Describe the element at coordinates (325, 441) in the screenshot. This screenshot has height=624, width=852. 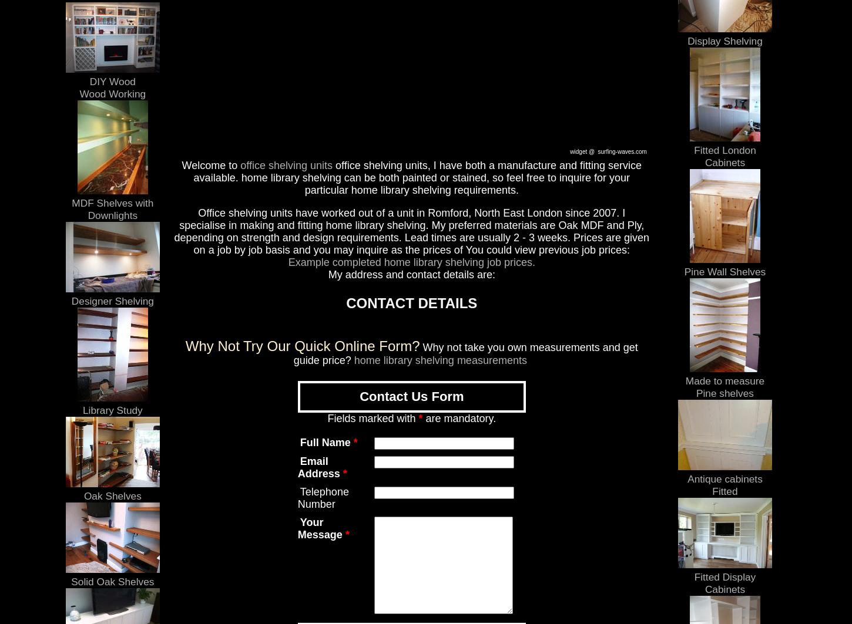
I see `'Full Name'` at that location.